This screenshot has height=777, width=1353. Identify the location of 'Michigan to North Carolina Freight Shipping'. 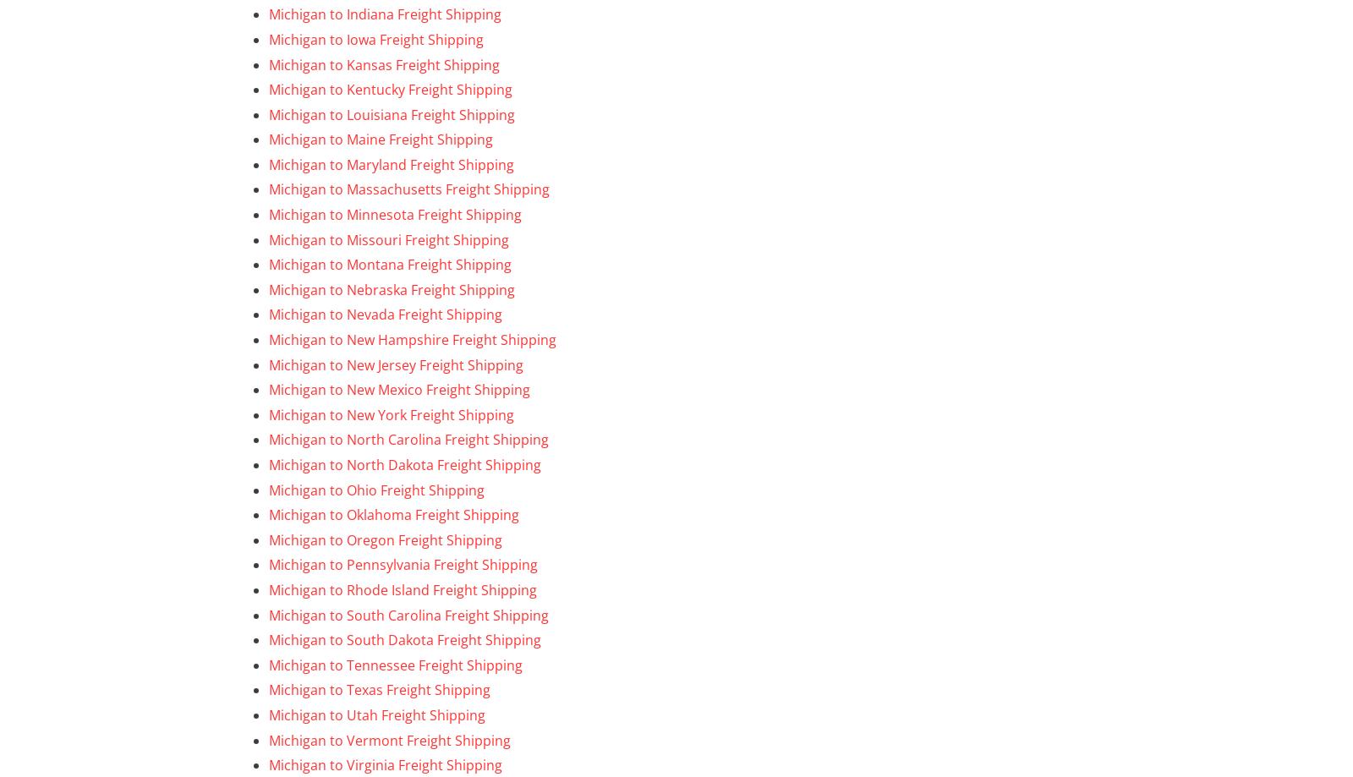
(408, 438).